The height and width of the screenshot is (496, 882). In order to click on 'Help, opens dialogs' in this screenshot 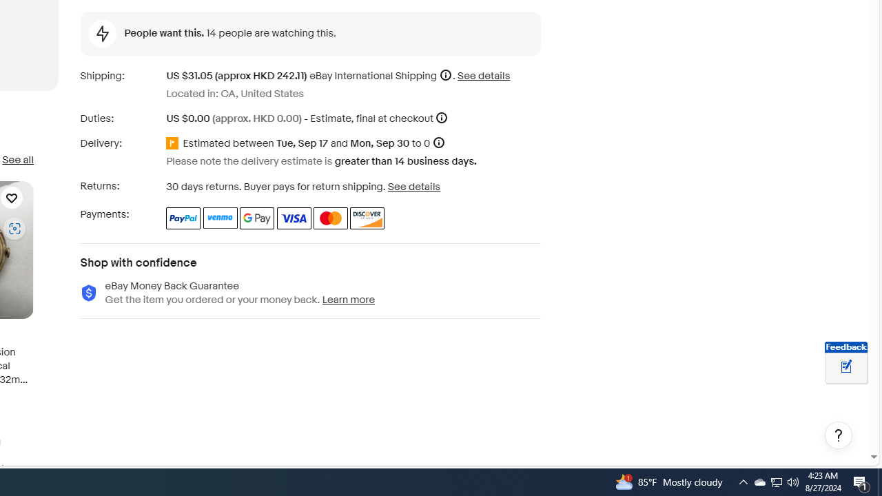, I will do `click(838, 435)`.